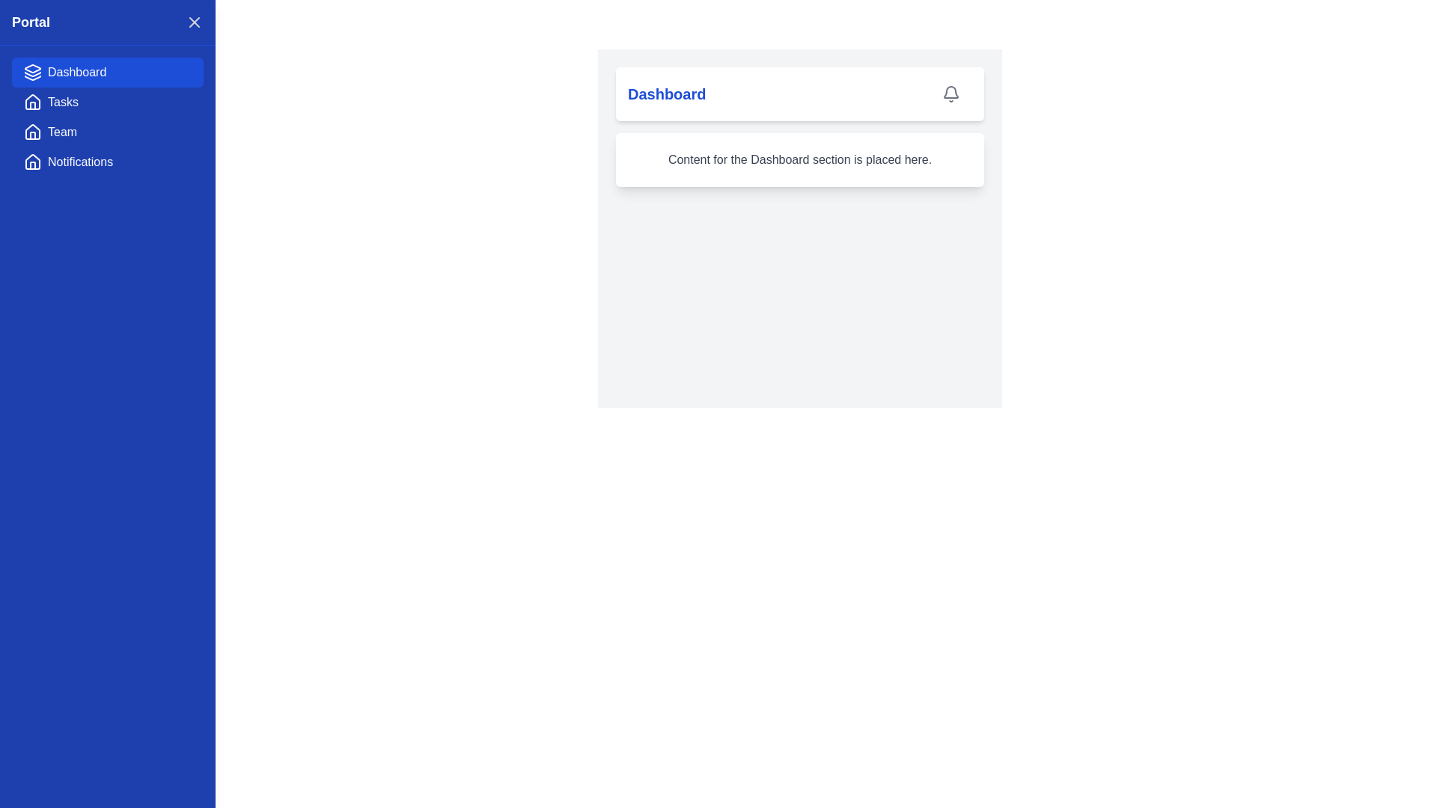 The width and height of the screenshot is (1437, 808). Describe the element at coordinates (32, 132) in the screenshot. I see `the house icon with a light blue outline located to the left of the 'Team' text in the navigation menu` at that location.